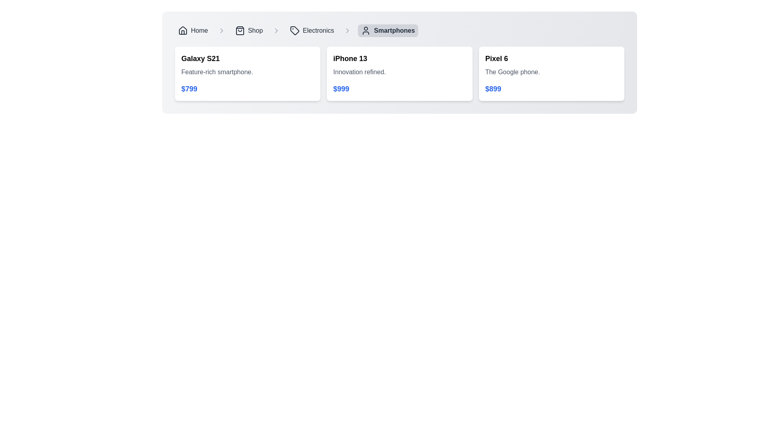  I want to click on the 'Home' icon in the breadcrumb navigation bar, which is represented by a simplified polygon shape resembling a house, so click(182, 30).